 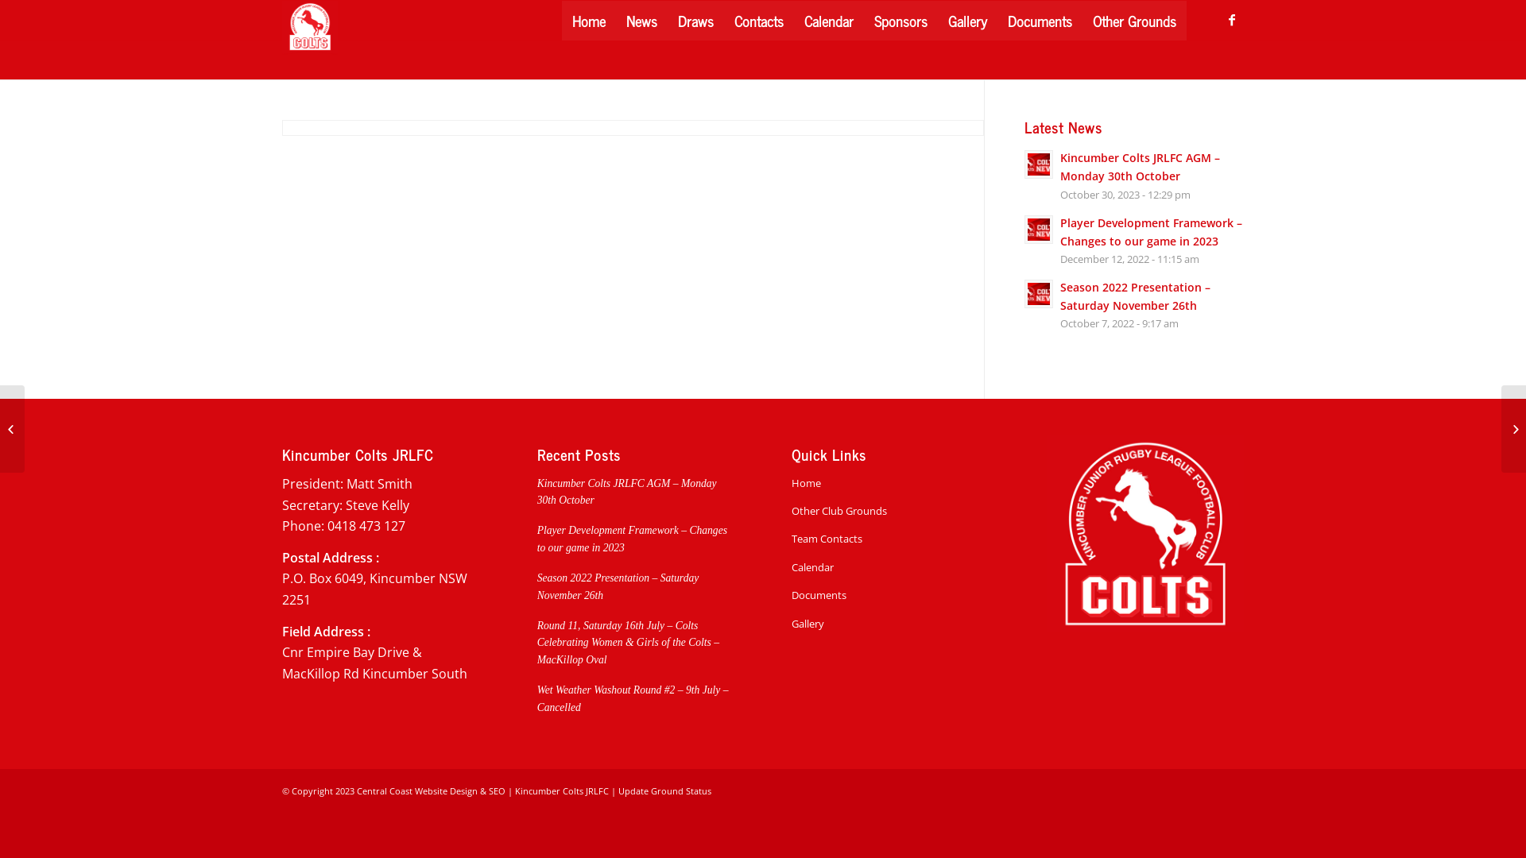 I want to click on 'Update Ground Status', so click(x=664, y=790).